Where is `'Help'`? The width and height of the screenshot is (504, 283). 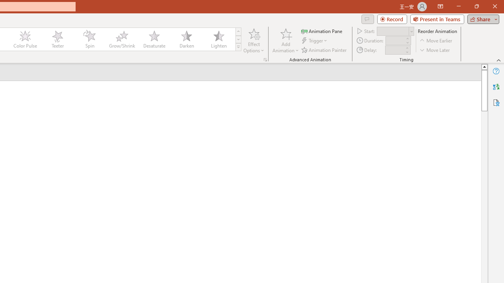
'Help' is located at coordinates (496, 71).